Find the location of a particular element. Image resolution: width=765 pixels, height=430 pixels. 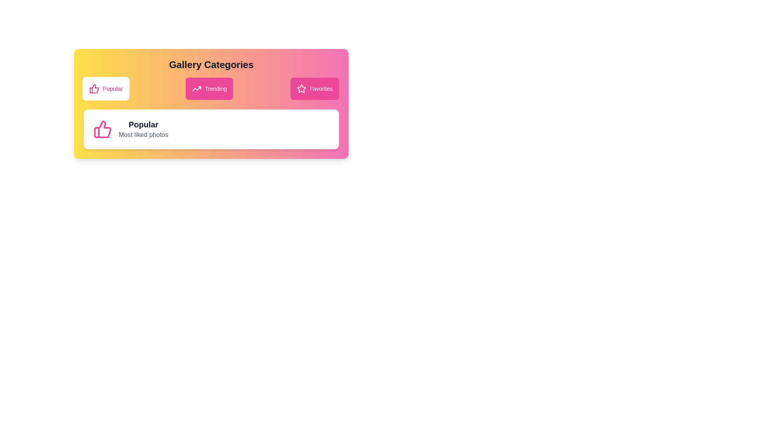

the 'like' icon located in the center of the white rectangular box under the 'Popular' section is located at coordinates (94, 89).